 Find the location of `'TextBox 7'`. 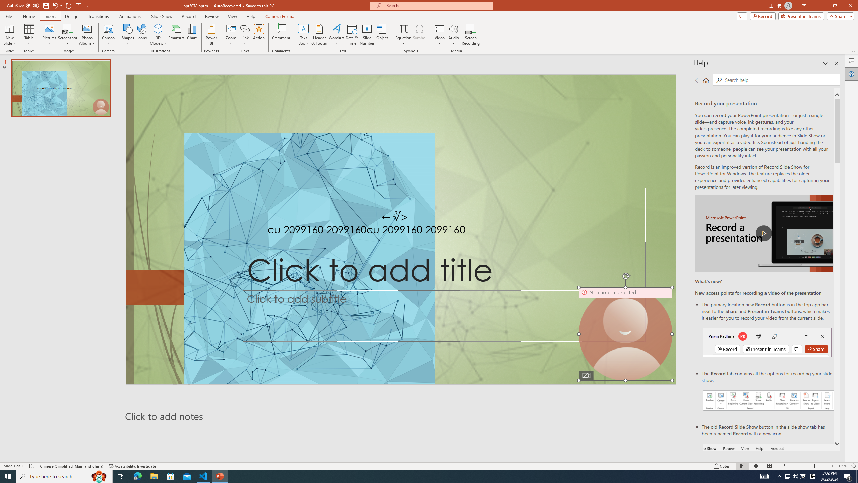

'TextBox 7' is located at coordinates (395, 217).